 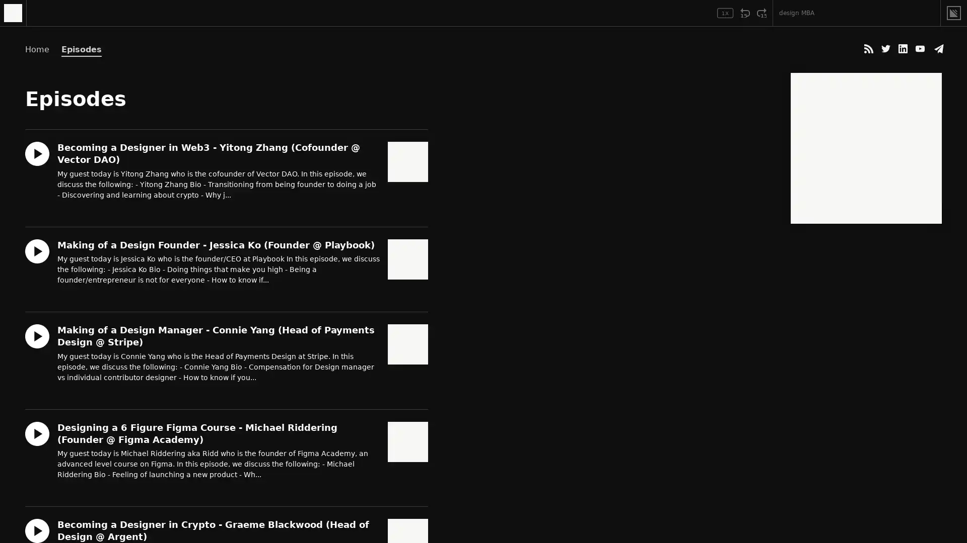 I want to click on Open Player Settings, so click(x=696, y=13).